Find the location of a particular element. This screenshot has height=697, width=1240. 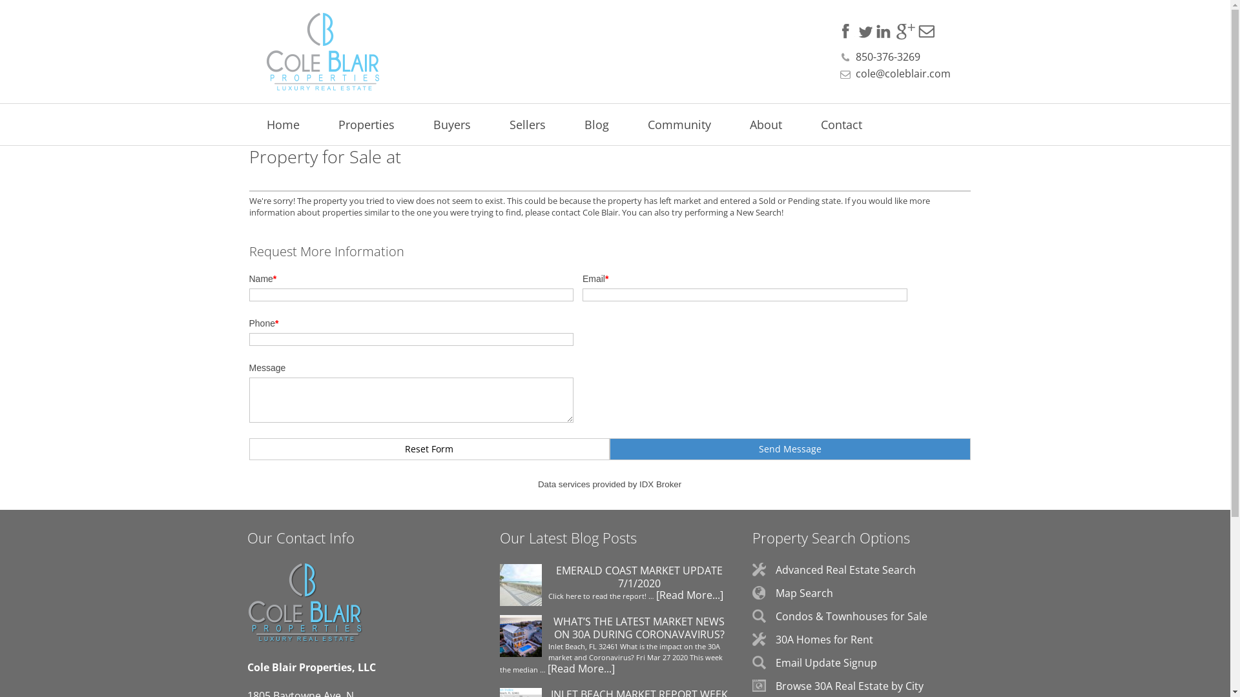

'Properties' is located at coordinates (366, 124).